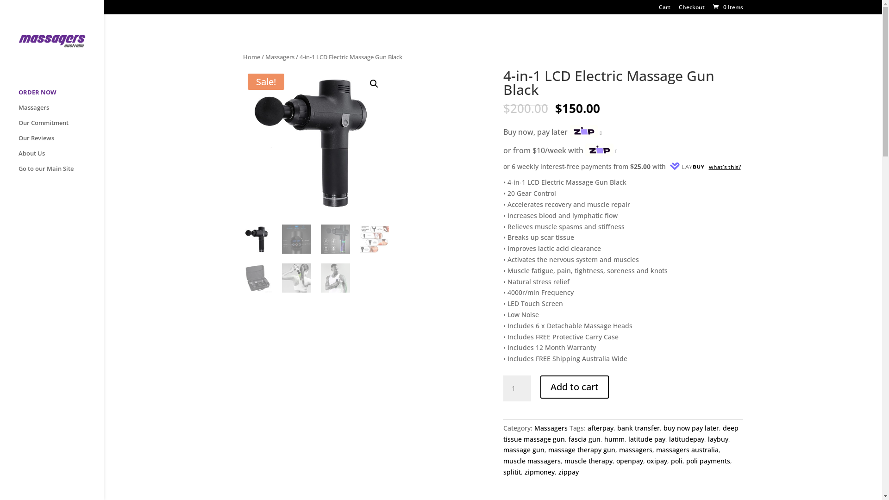 The image size is (889, 500). I want to click on 'splitit', so click(502, 472).